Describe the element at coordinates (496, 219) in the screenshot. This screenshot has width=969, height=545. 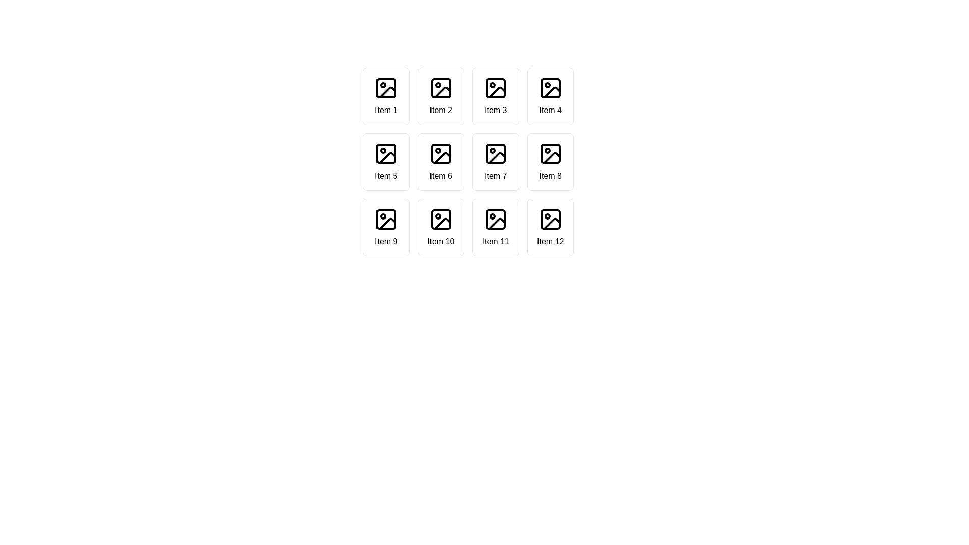
I see `the icon that represents an image, which is visually centered above the text 'Item 11' in the third row and third column of a 4x3 grid layout` at that location.